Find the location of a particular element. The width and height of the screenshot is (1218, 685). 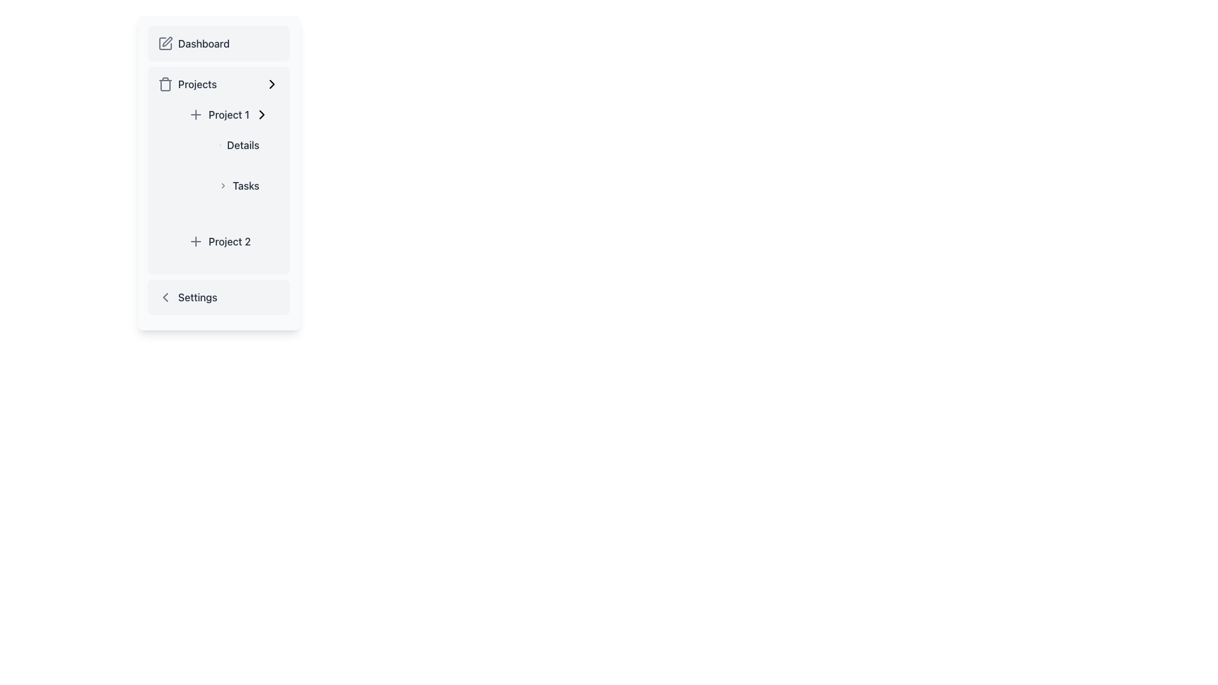

the 'Tasks' menu item in the sidebar, which features a right-pointing chevron icon and gray-colored text is located at coordinates (239, 186).